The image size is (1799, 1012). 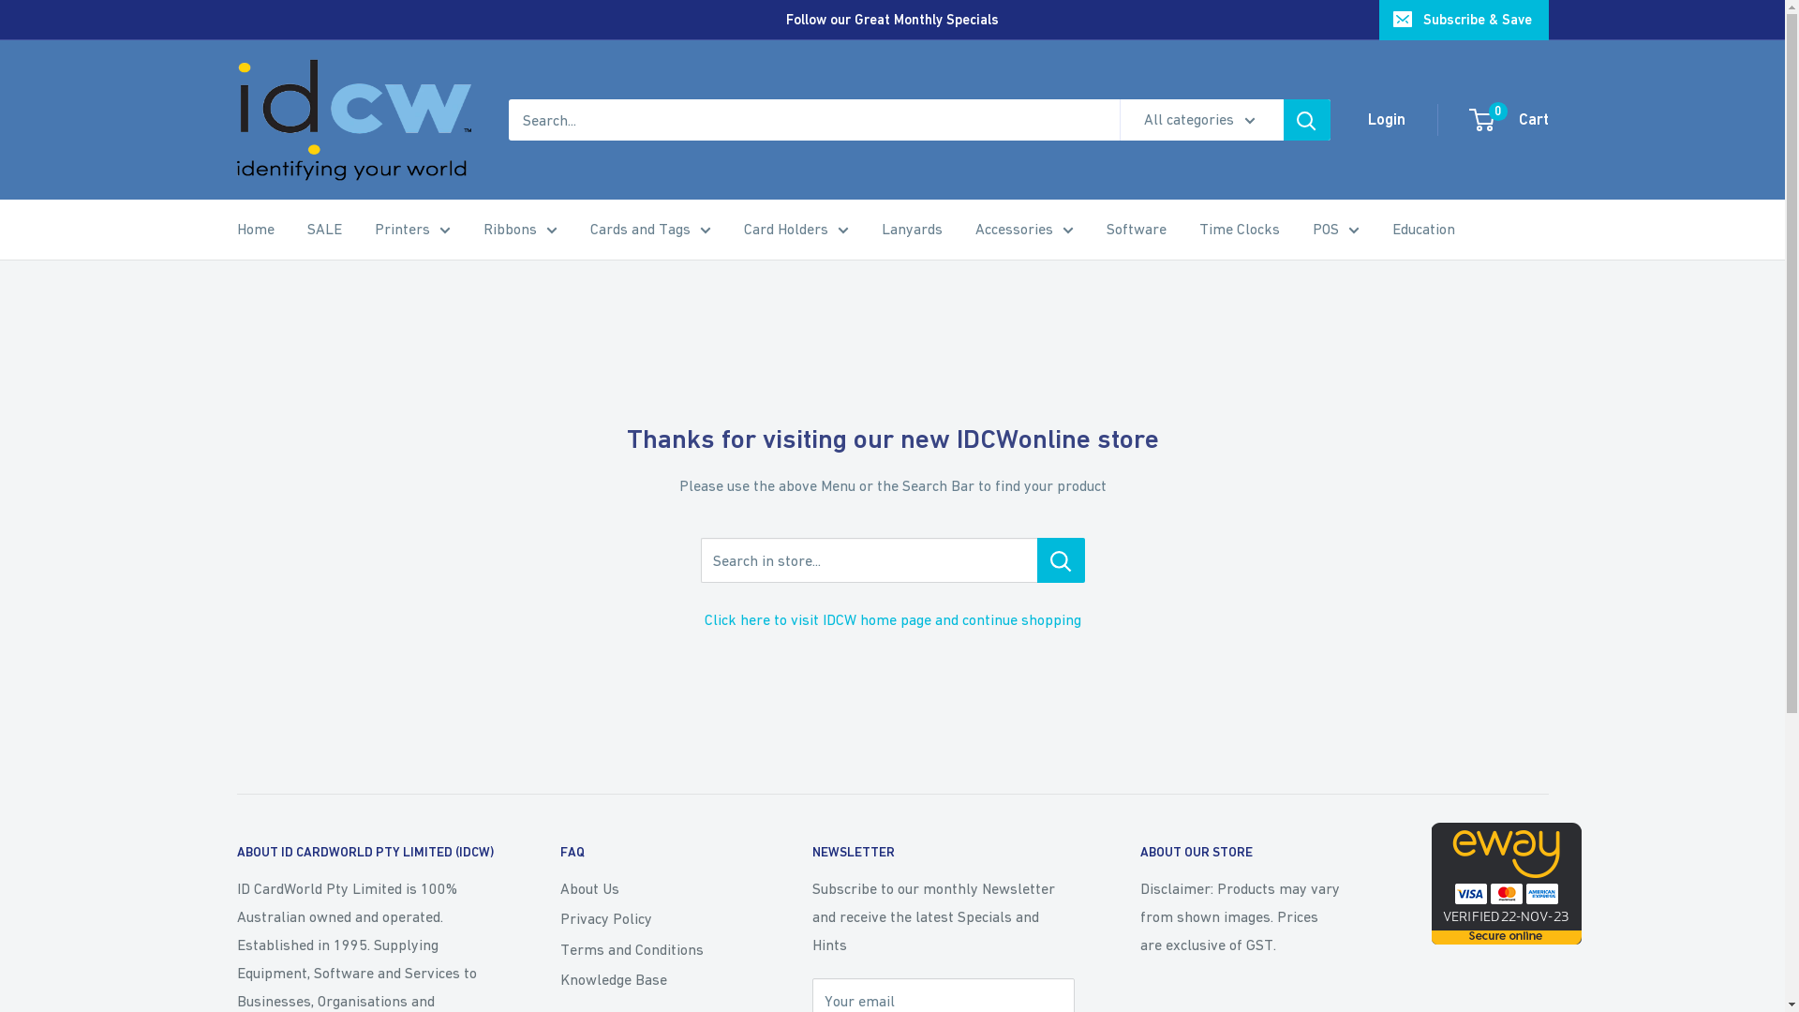 What do you see at coordinates (1199, 229) in the screenshot?
I see `'Time Clocks'` at bounding box center [1199, 229].